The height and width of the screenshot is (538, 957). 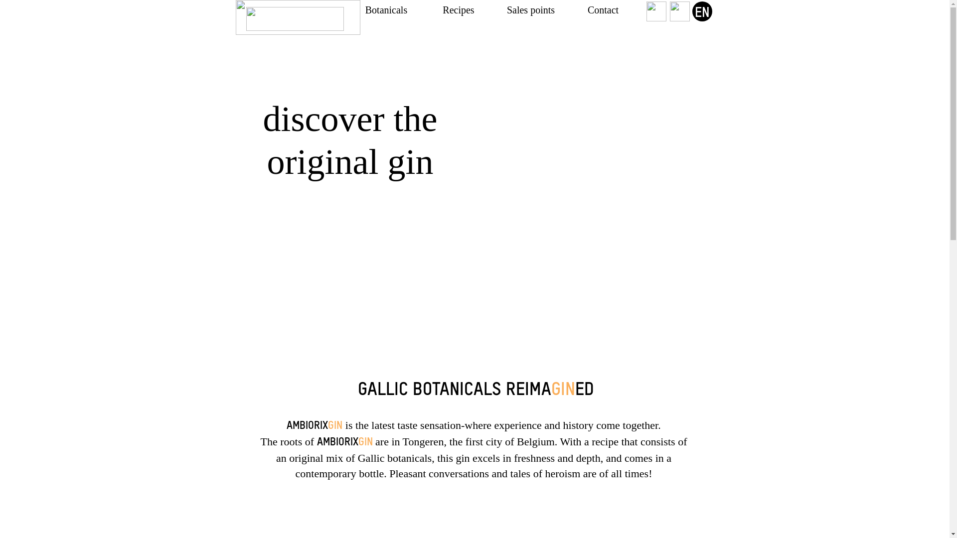 What do you see at coordinates (701, 11) in the screenshot?
I see `'EN'` at bounding box center [701, 11].